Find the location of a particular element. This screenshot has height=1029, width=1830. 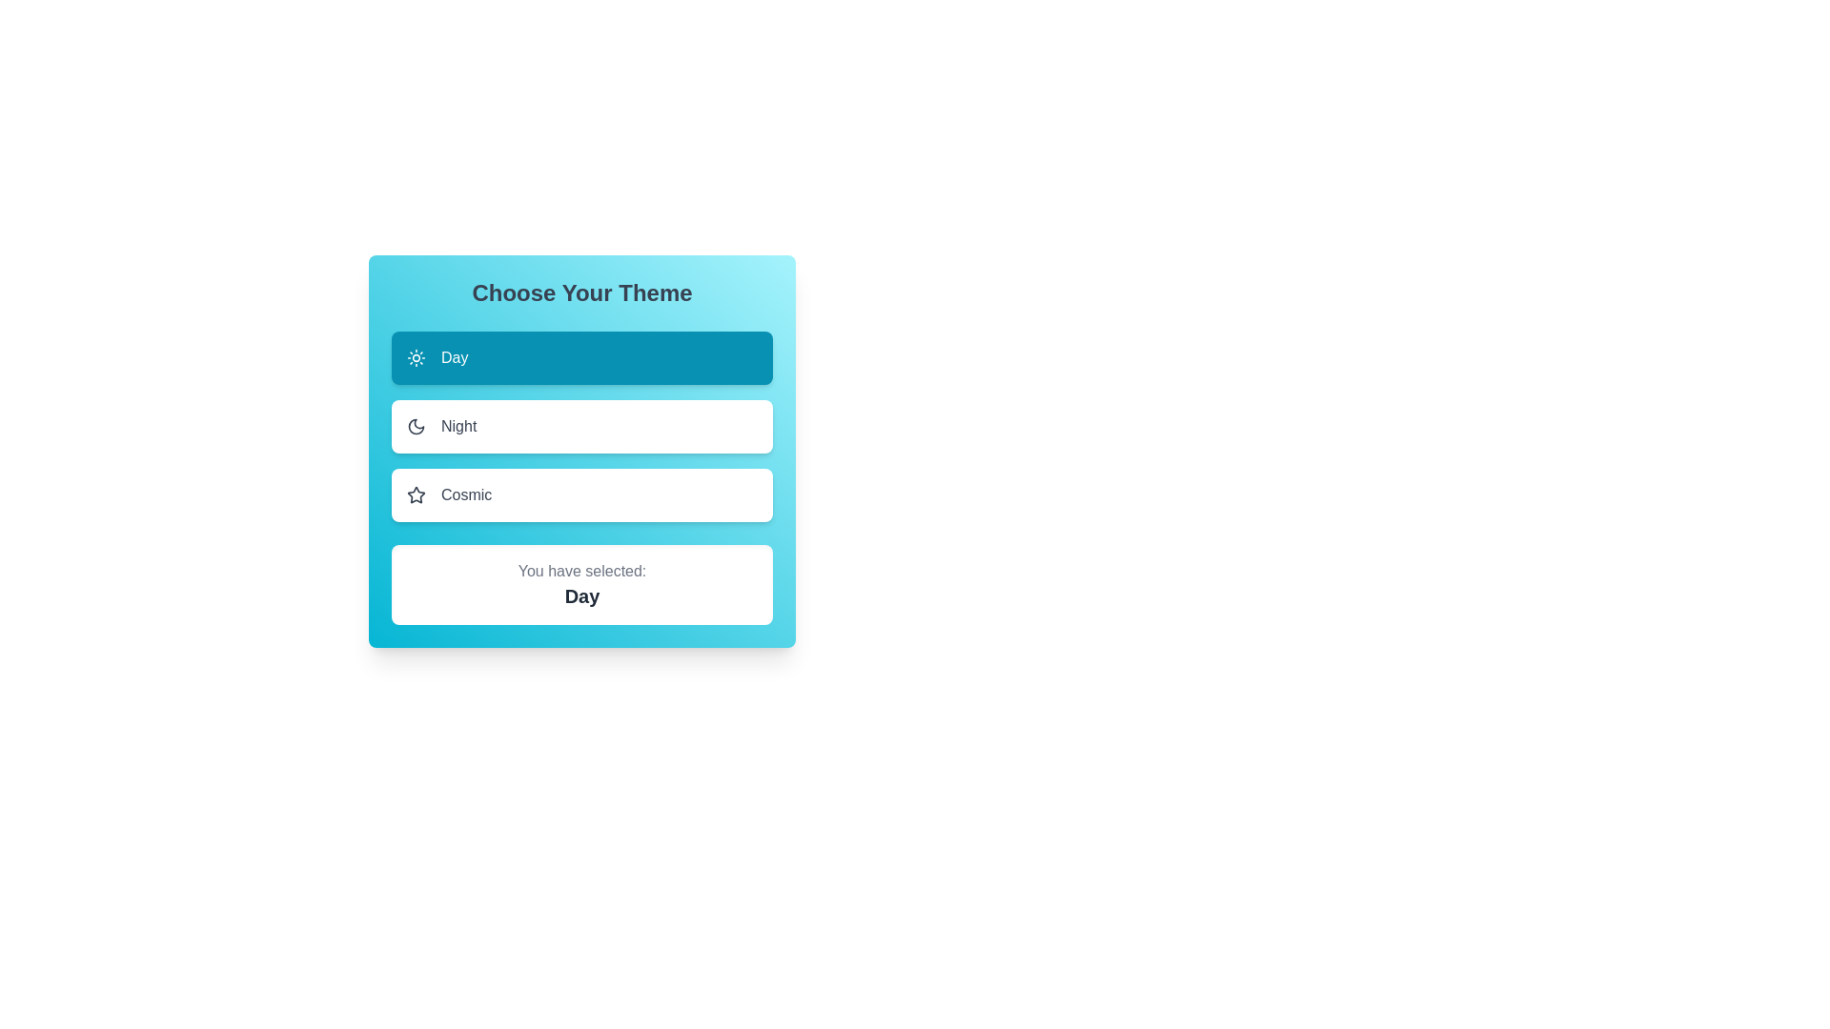

information displayed in the non-interactive informational text box that shows the current selection of the theme below the options 'Day', 'Night', 'Cosmic' is located at coordinates (580, 583).